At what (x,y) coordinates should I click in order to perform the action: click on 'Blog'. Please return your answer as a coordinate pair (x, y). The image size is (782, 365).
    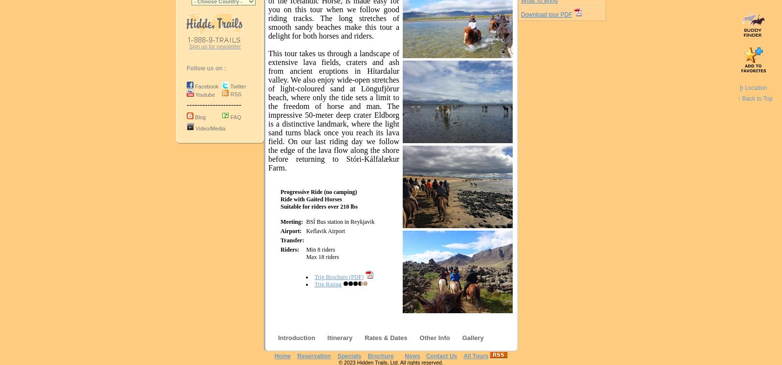
    Looking at the image, I should click on (199, 116).